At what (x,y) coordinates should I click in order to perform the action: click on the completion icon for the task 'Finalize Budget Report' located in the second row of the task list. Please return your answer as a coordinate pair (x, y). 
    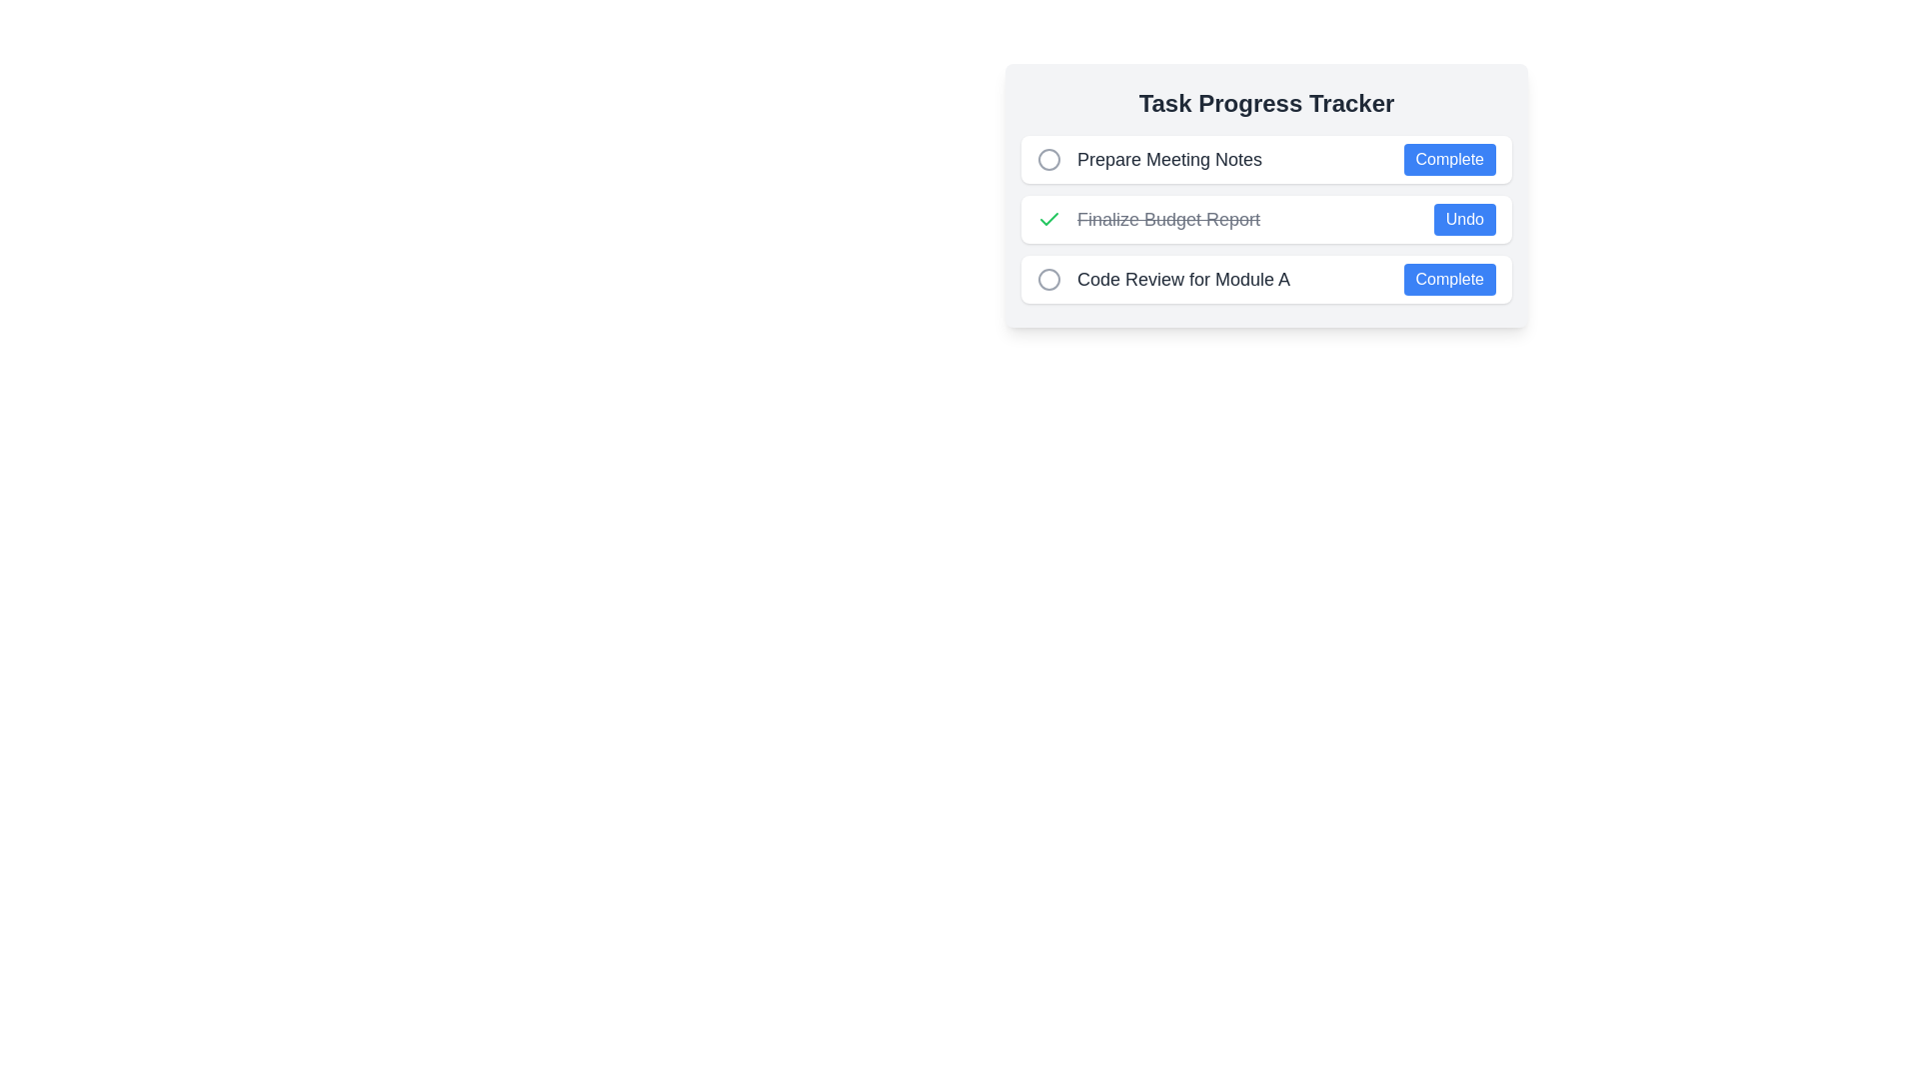
    Looking at the image, I should click on (1048, 219).